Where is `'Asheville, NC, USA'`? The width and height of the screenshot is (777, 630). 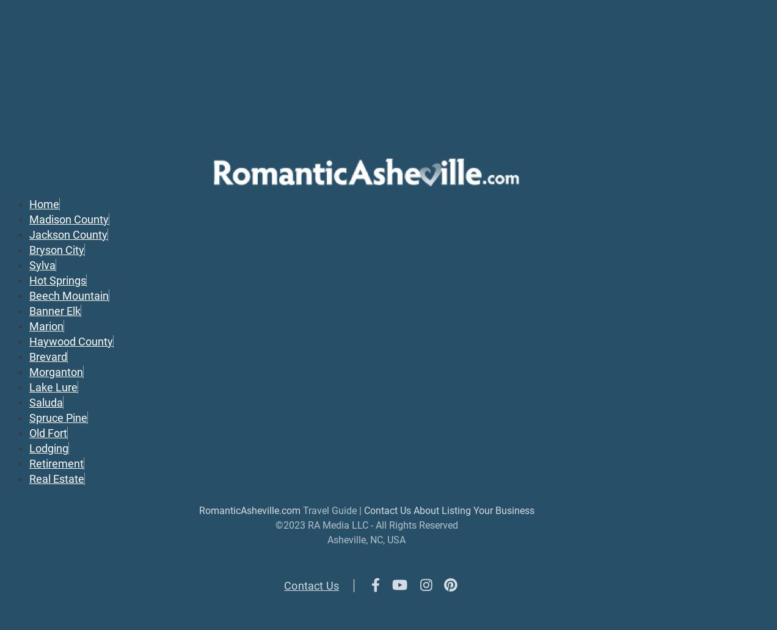
'Asheville, NC, USA' is located at coordinates (367, 539).